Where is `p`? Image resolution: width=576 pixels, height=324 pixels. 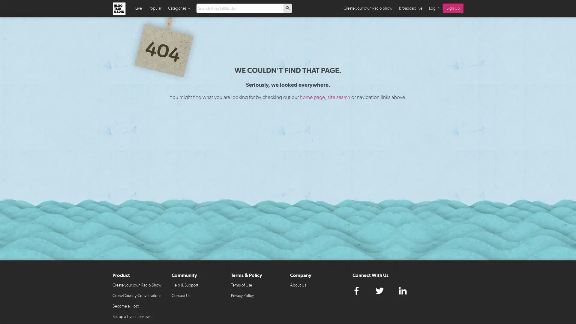
p is located at coordinates (287, 8).